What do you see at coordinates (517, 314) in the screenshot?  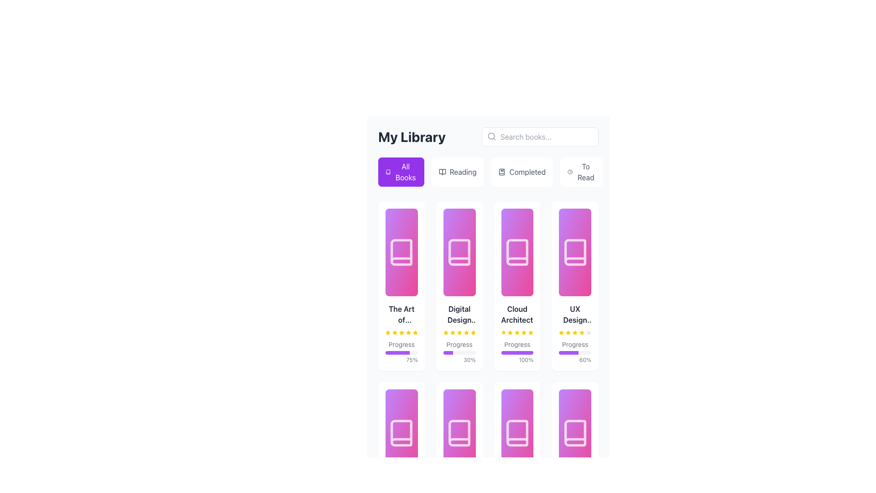 I see `the Text label that serves as the title for the card, located at the top center above yellow stars and a progress bar labeled '100%.'` at bounding box center [517, 314].